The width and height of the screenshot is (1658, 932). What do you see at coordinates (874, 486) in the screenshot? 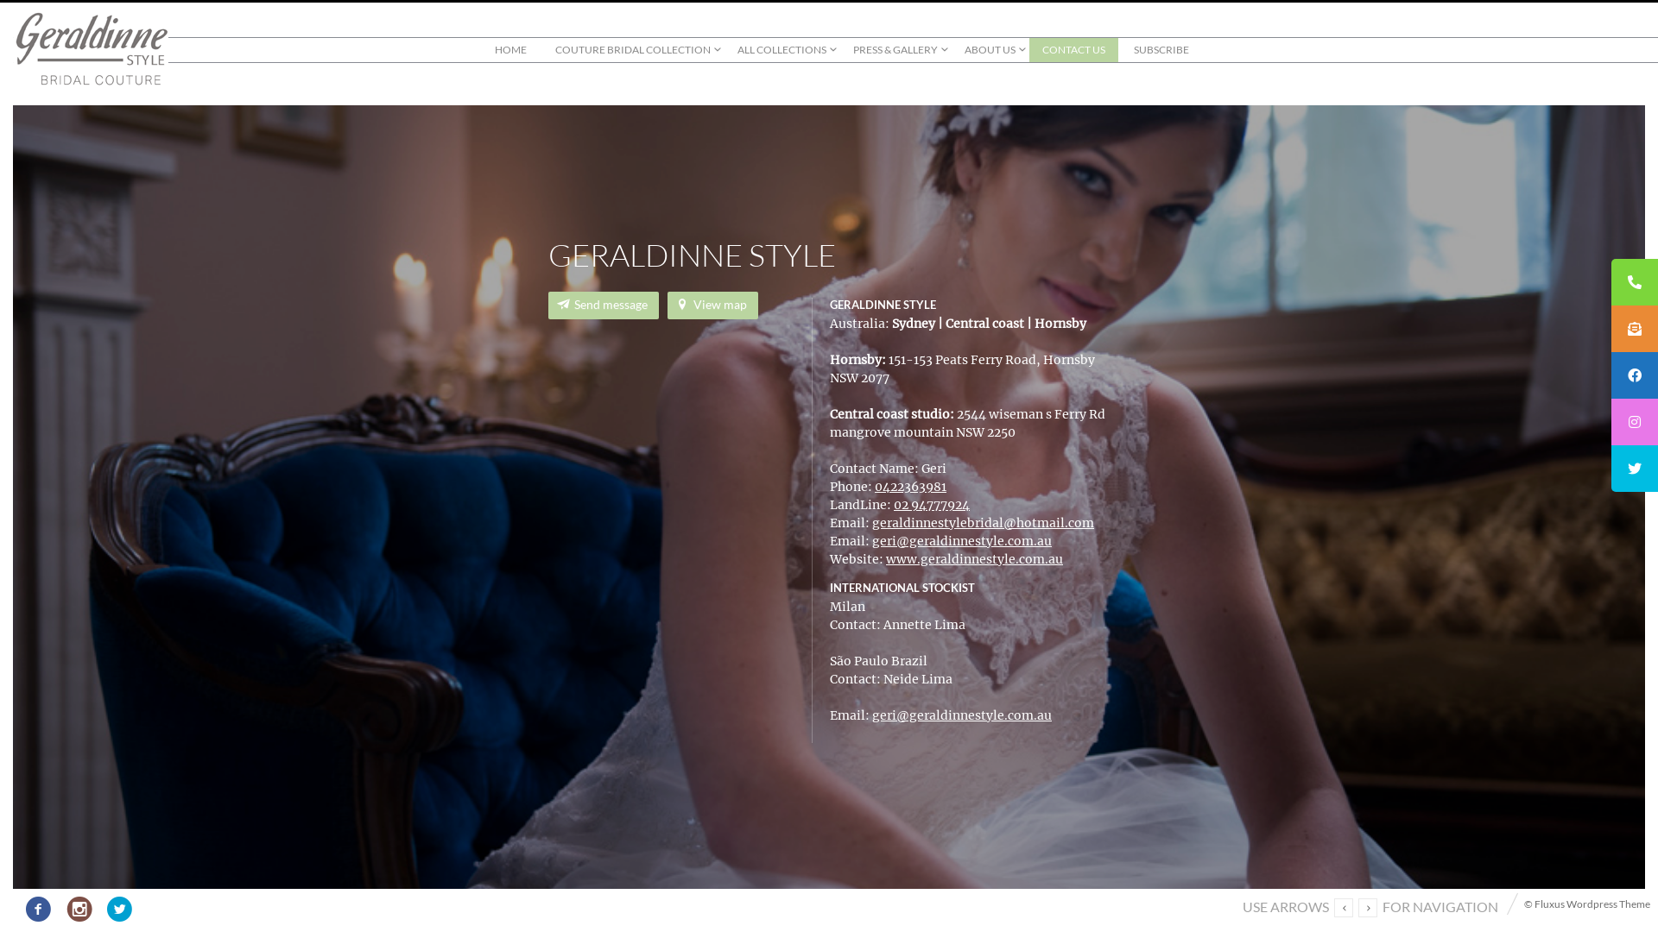
I see `'0422363981'` at bounding box center [874, 486].